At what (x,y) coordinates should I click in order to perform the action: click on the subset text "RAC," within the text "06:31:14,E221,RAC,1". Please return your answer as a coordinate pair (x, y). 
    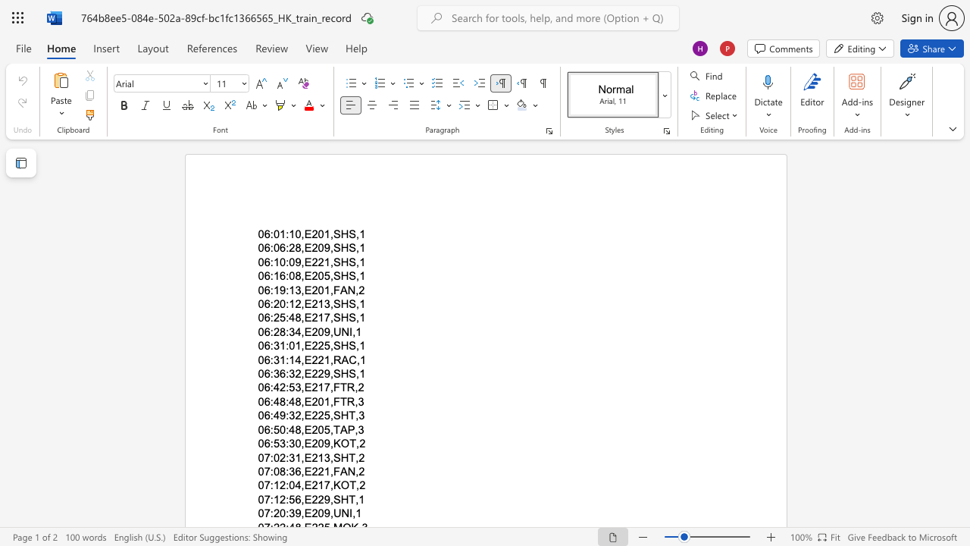
    Looking at the image, I should click on (332, 359).